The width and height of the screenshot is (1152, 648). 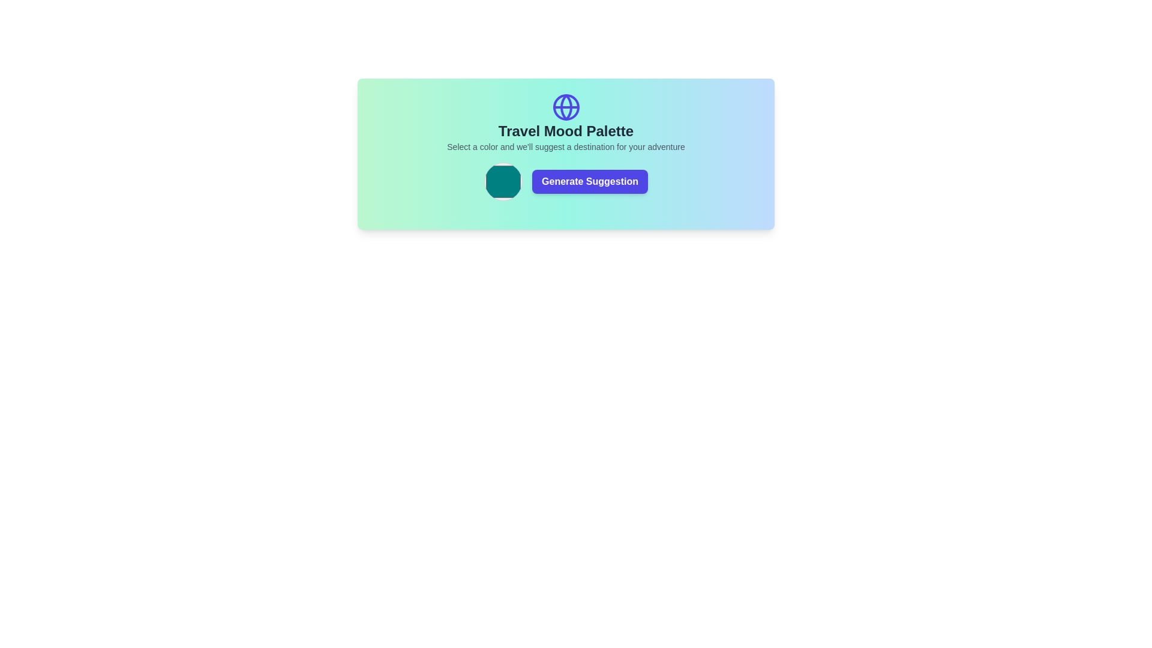 I want to click on the rectangular button with a vibrant indigo background and white text reading 'Generate Suggestion', so click(x=590, y=182).